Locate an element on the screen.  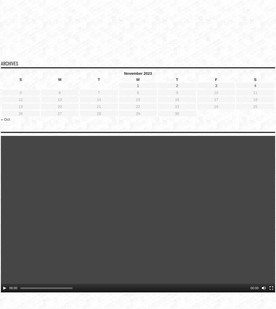
'14' is located at coordinates (98, 90).